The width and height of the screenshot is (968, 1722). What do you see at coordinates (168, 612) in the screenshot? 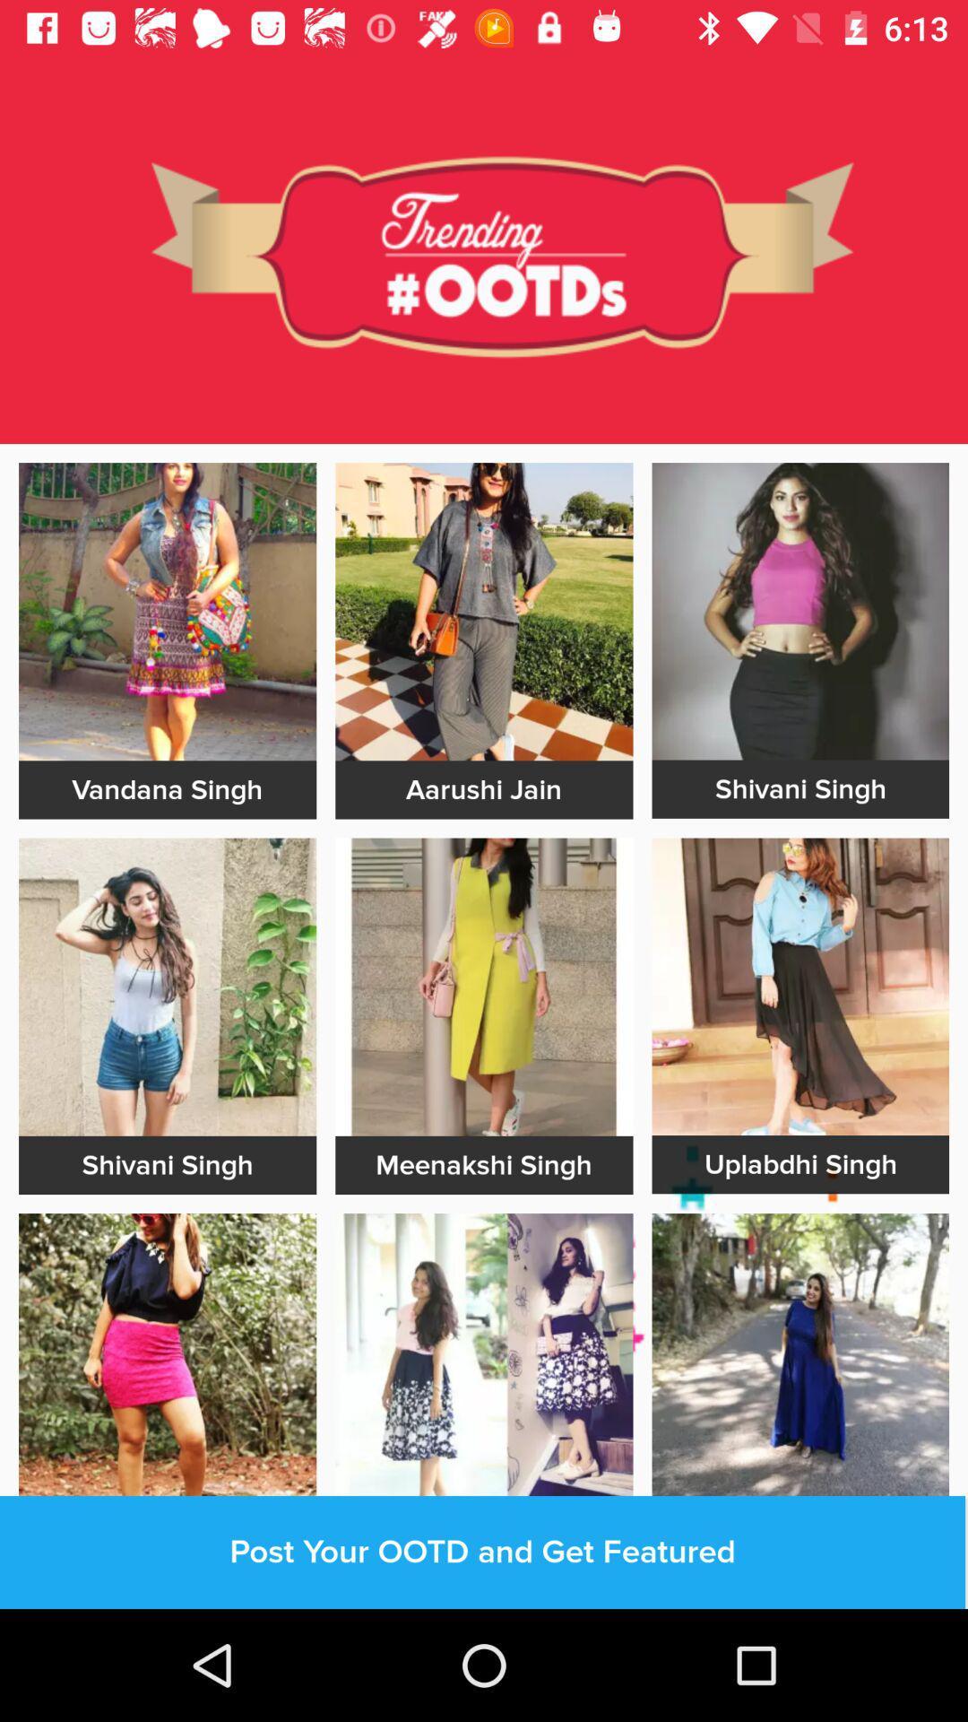
I see `photo page` at bounding box center [168, 612].